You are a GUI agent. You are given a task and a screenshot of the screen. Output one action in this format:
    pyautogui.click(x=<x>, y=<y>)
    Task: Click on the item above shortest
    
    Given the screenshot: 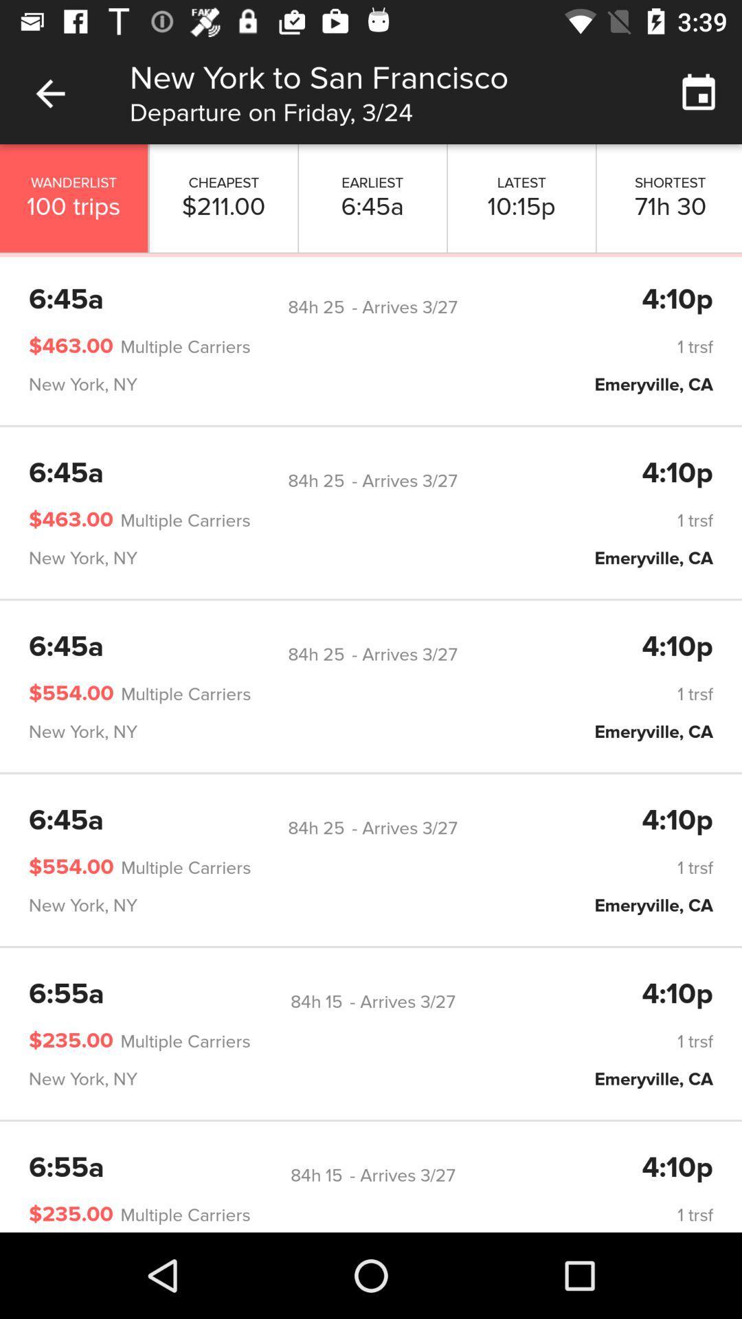 What is the action you would take?
    pyautogui.click(x=699, y=93)
    